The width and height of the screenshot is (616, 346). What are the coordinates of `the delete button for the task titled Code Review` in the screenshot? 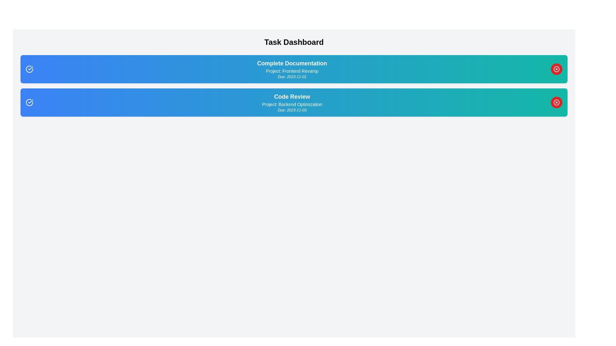 It's located at (556, 102).